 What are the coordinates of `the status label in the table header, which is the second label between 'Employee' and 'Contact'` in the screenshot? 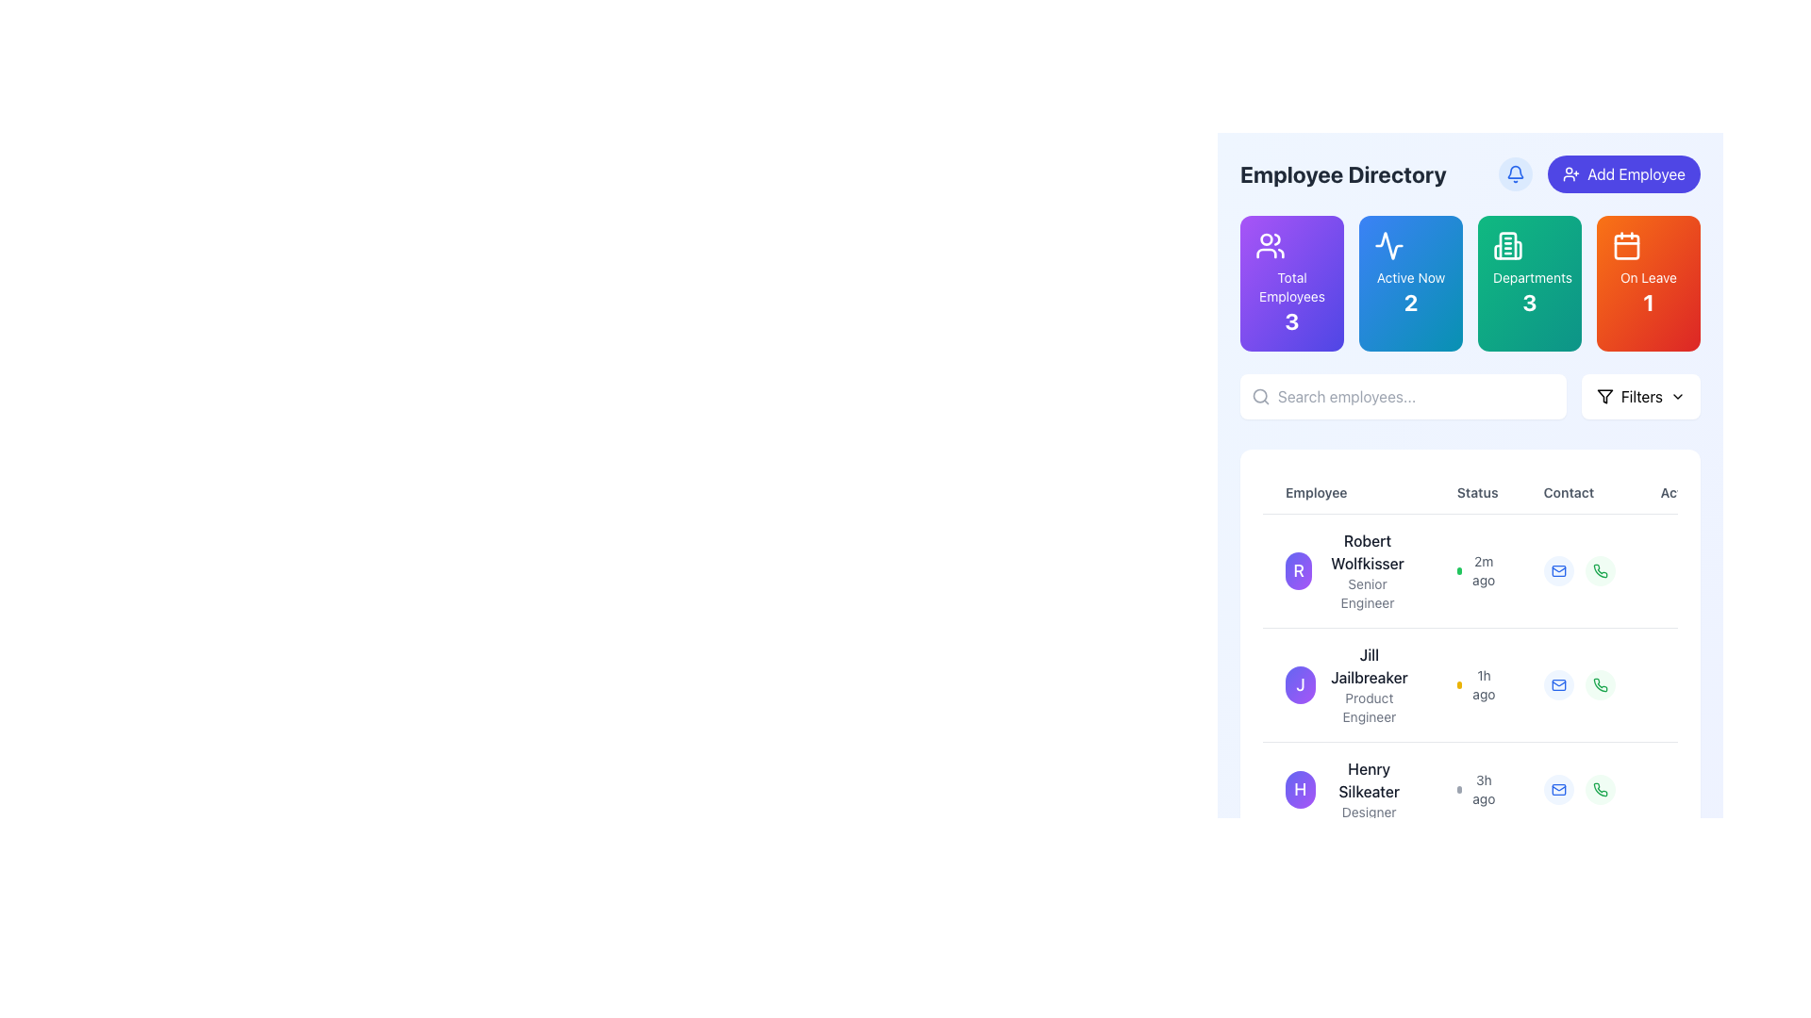 It's located at (1476, 492).